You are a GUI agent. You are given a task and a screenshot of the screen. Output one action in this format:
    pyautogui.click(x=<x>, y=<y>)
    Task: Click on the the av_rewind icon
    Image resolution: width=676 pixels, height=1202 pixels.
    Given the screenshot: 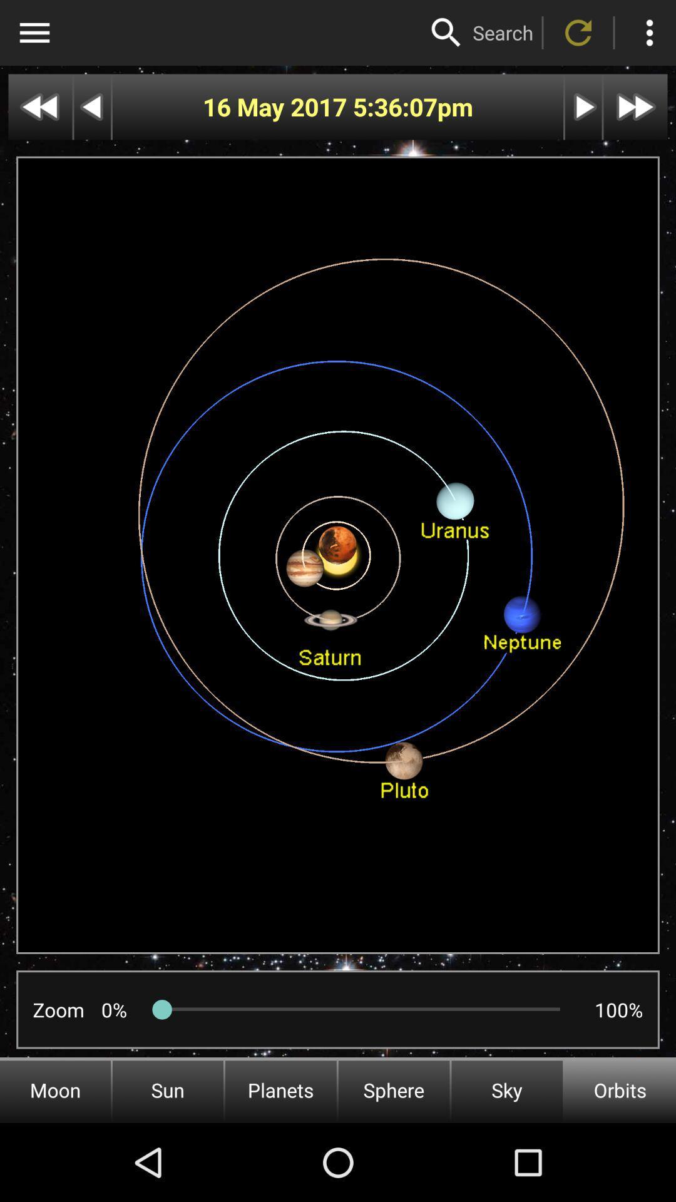 What is the action you would take?
    pyautogui.click(x=39, y=107)
    